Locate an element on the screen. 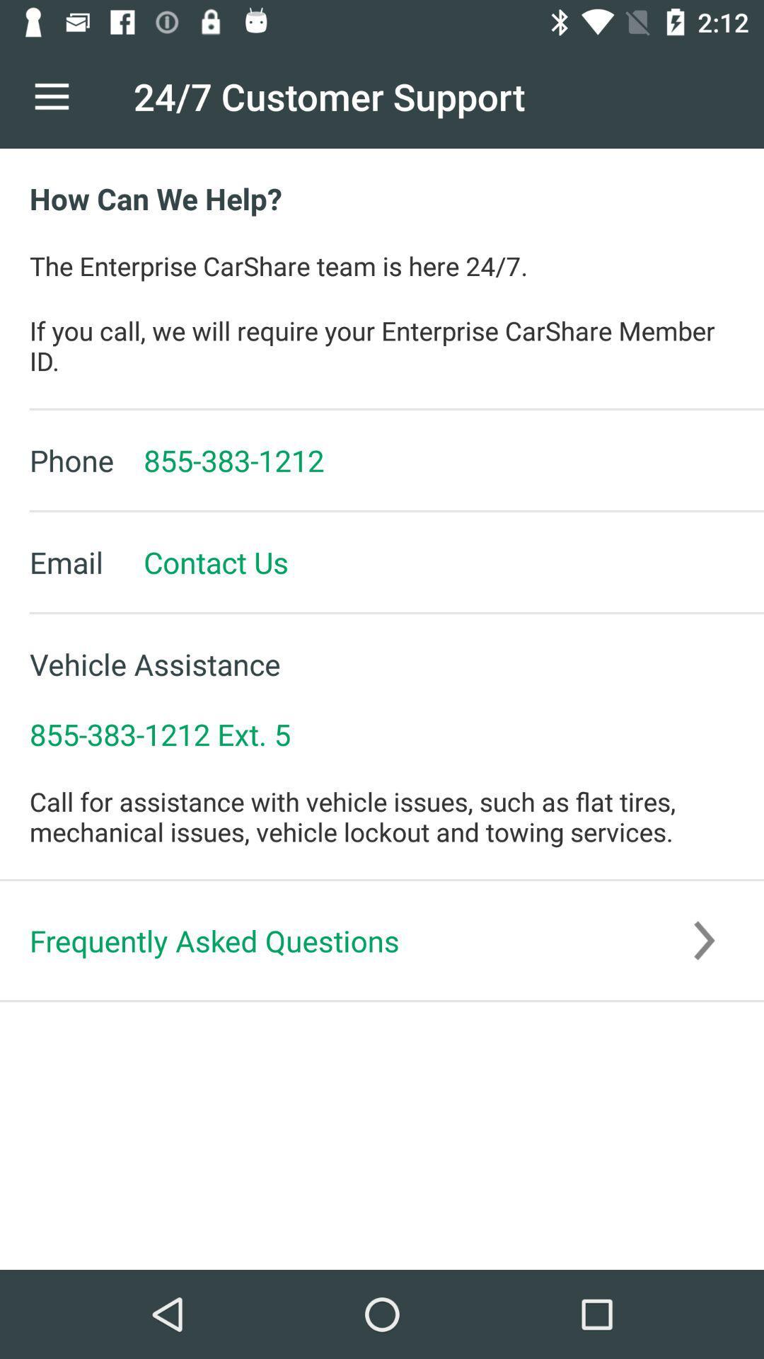 The width and height of the screenshot is (764, 1359). frequently asked questions item is located at coordinates (382, 941).